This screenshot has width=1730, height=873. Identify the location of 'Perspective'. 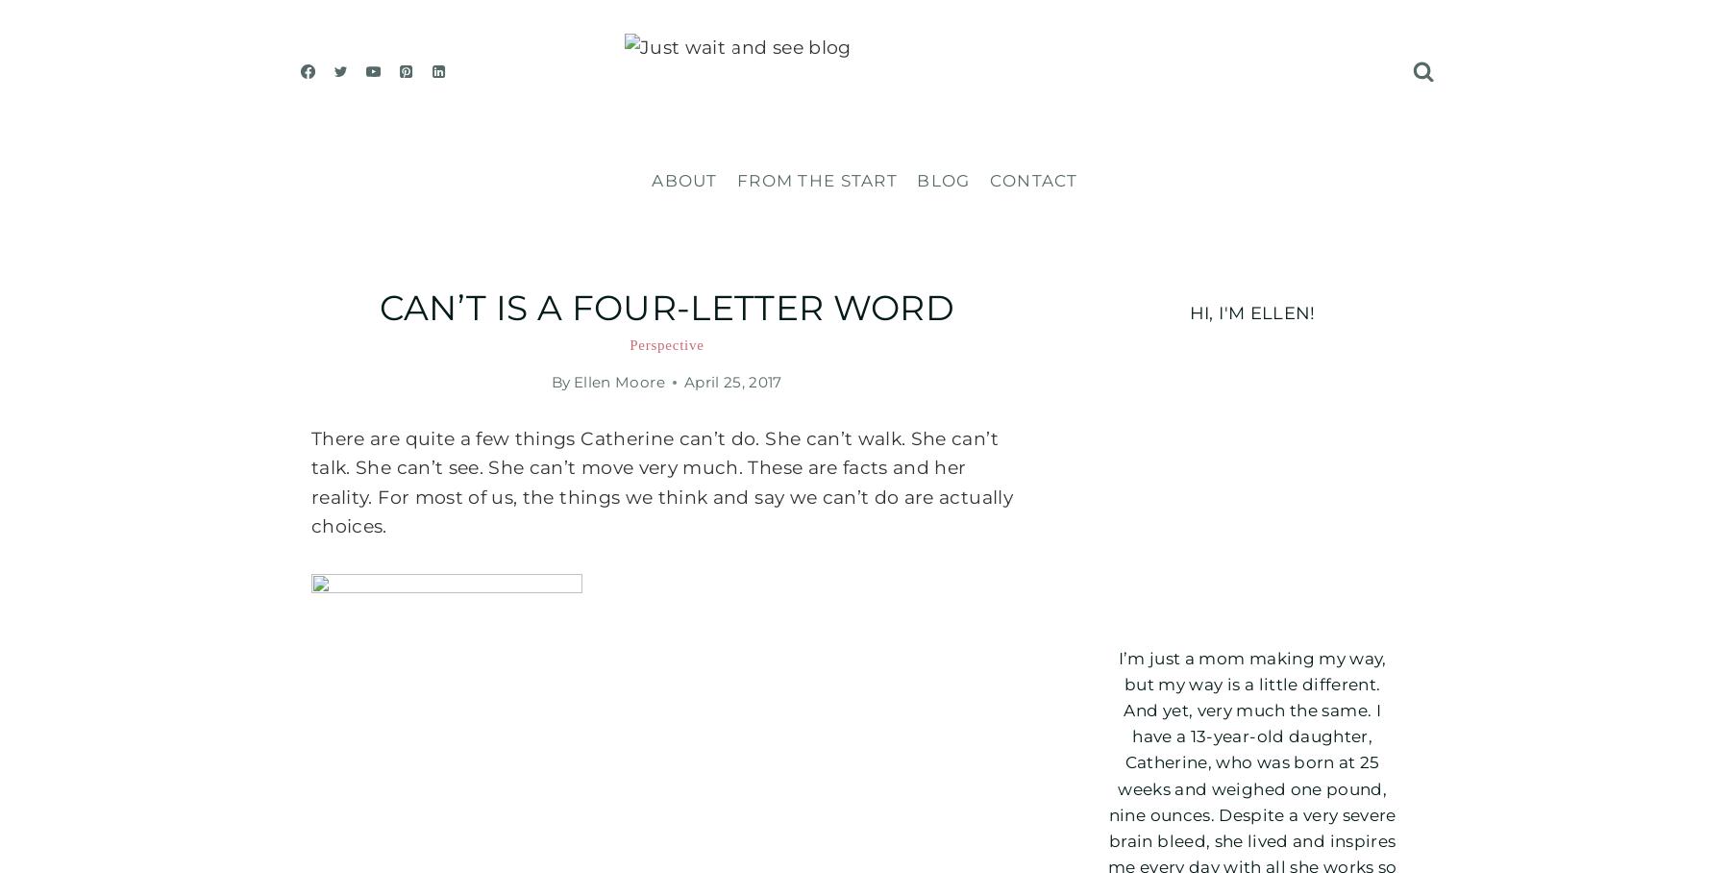
(665, 344).